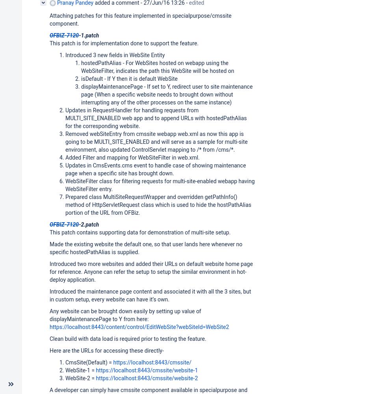  I want to click on 'Added Filter and mapping for WebSiteFilter in web.xml.', so click(132, 157).